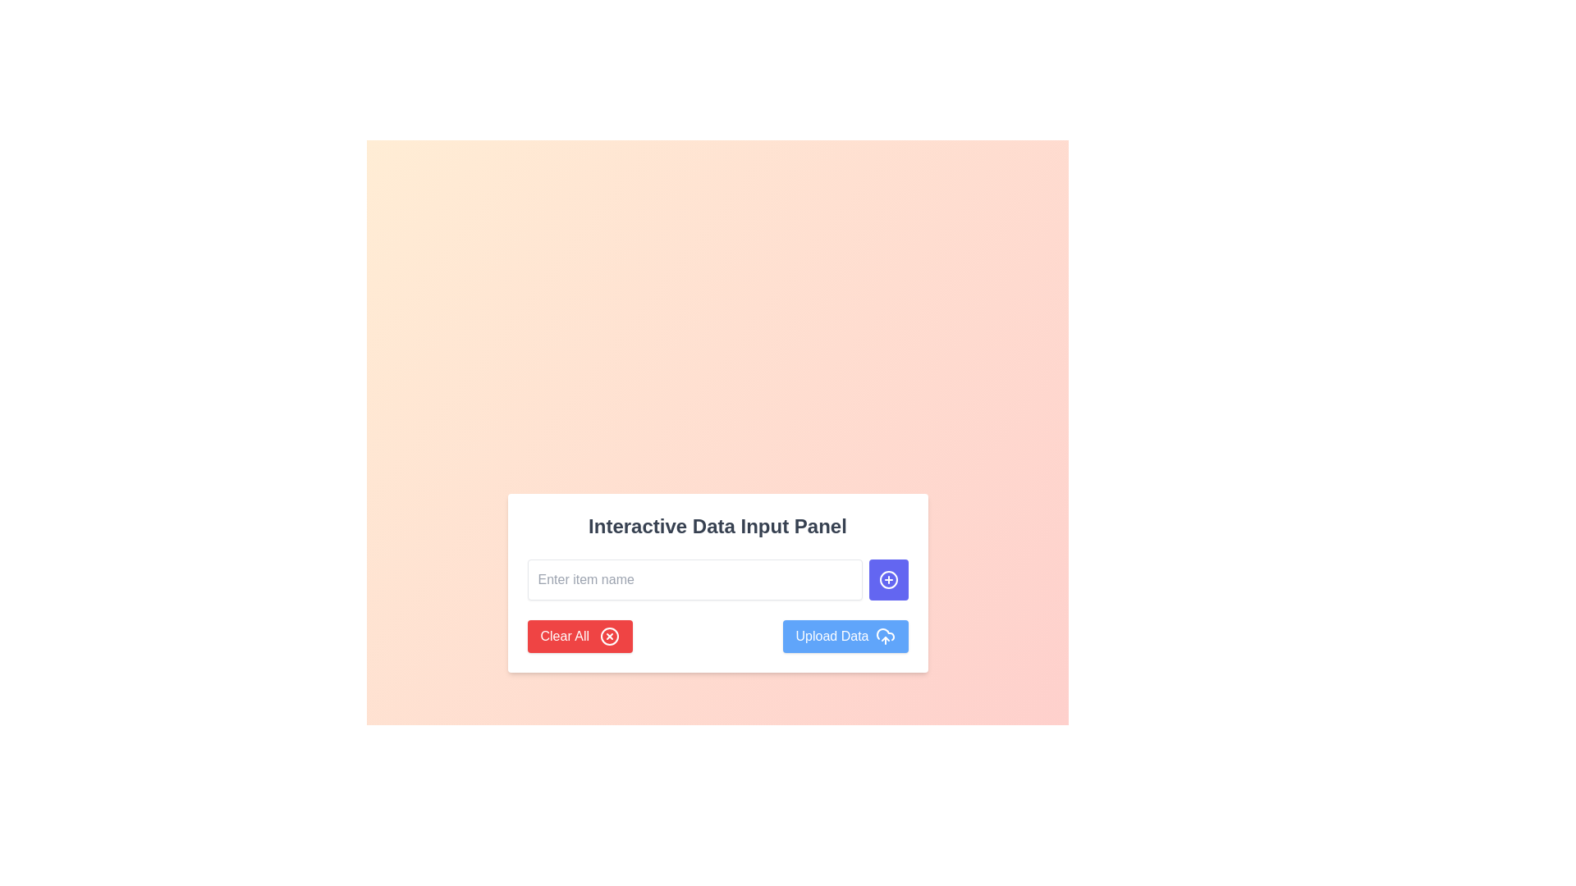 This screenshot has width=1576, height=886. I want to click on the circular button with a blue background and a plus sign in the center, located in the upper-right corner of the interactive panel, so click(887, 578).